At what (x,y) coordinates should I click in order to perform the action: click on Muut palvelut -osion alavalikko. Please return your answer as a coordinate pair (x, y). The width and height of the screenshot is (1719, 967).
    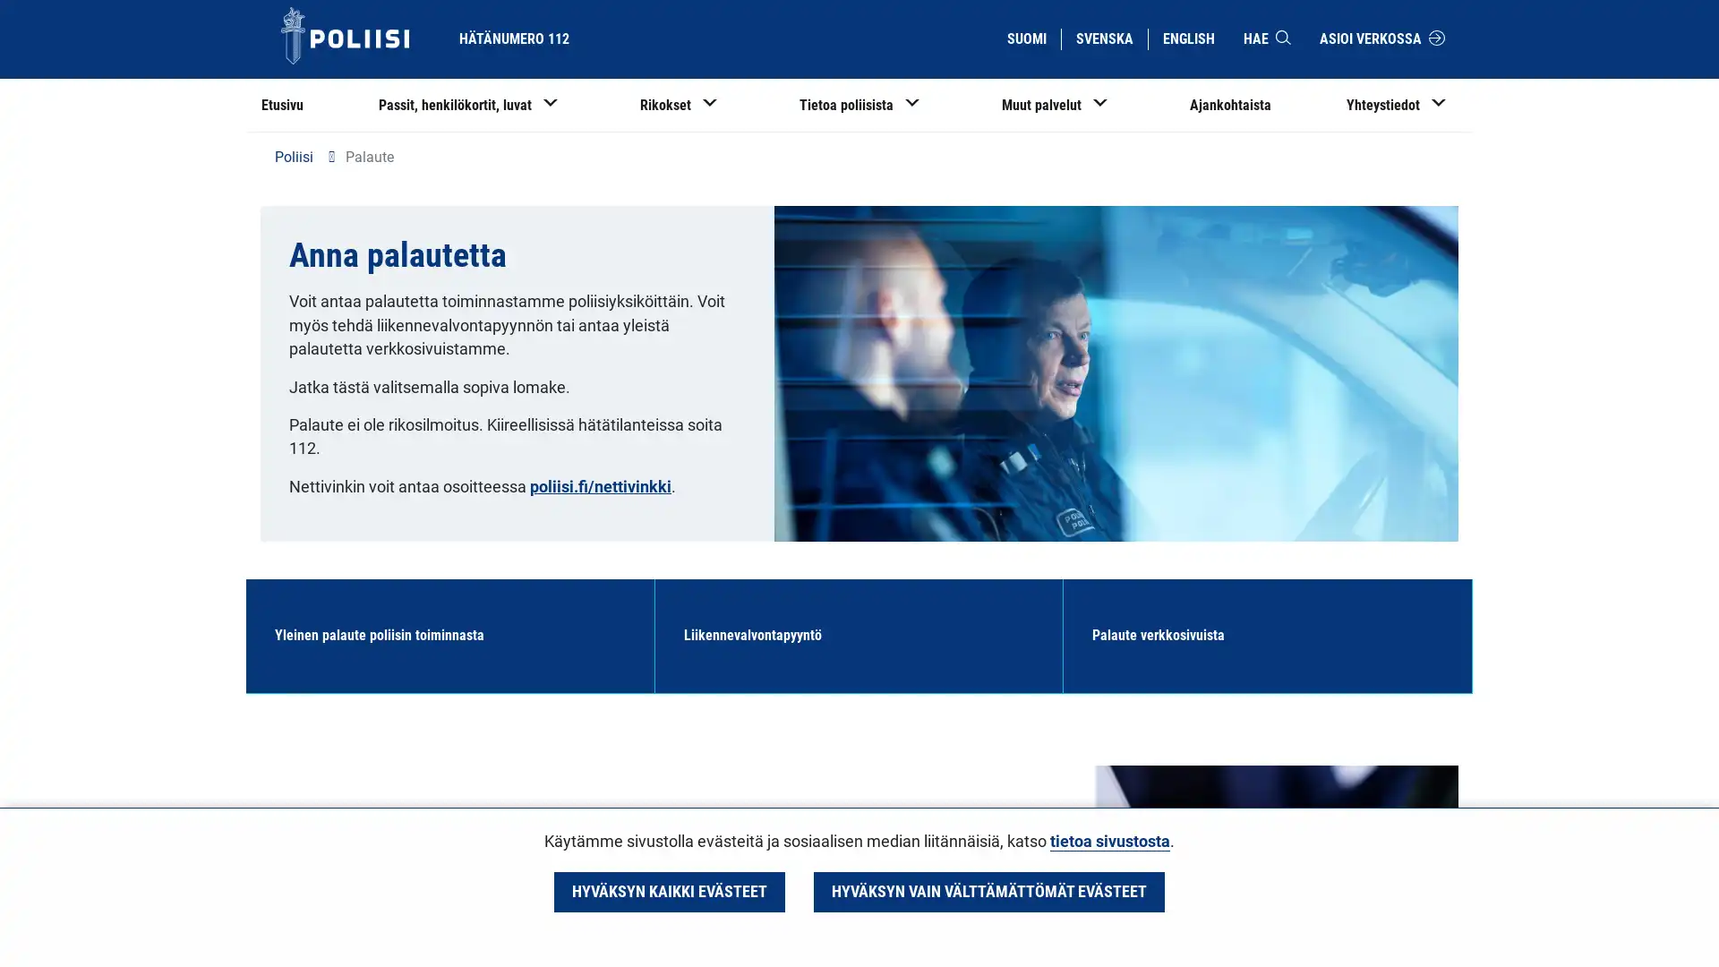
    Looking at the image, I should click on (1106, 107).